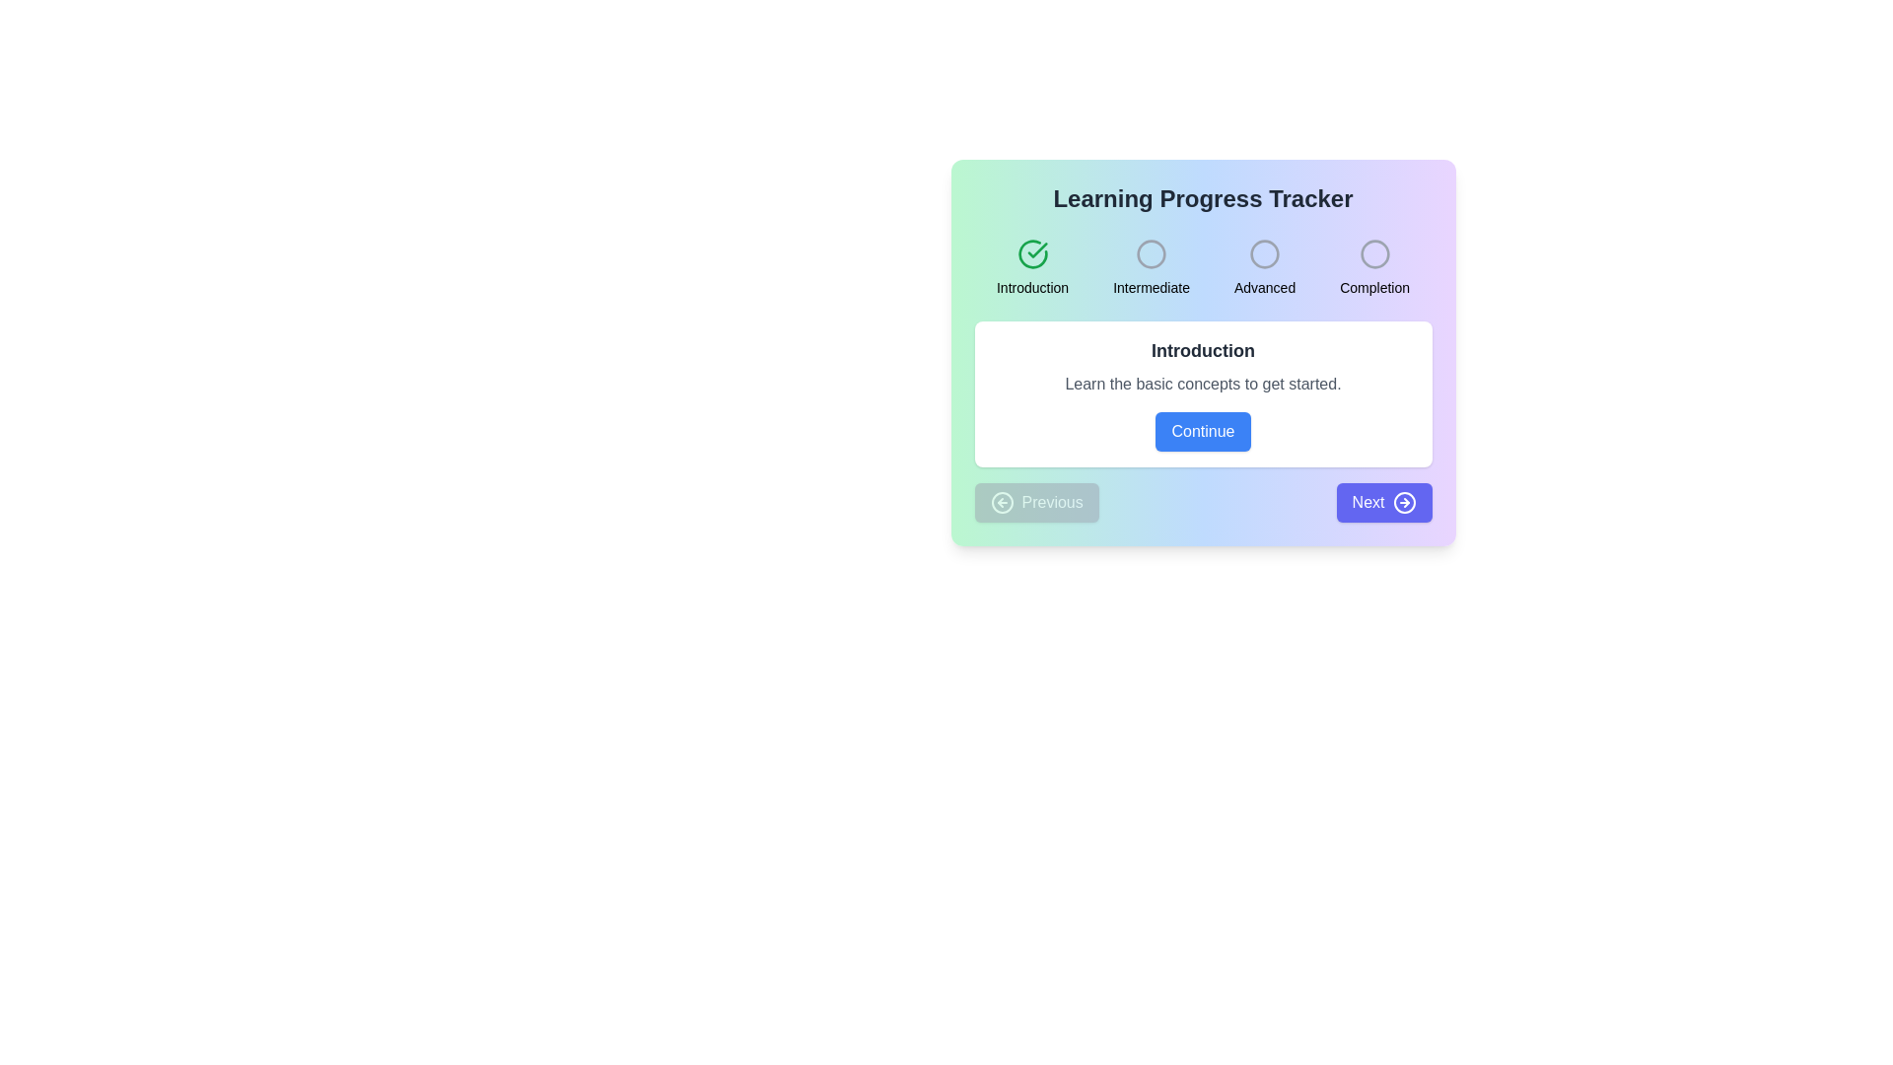  I want to click on the section heading text that informs users about the topic or purpose of the related content, so click(1202, 349).